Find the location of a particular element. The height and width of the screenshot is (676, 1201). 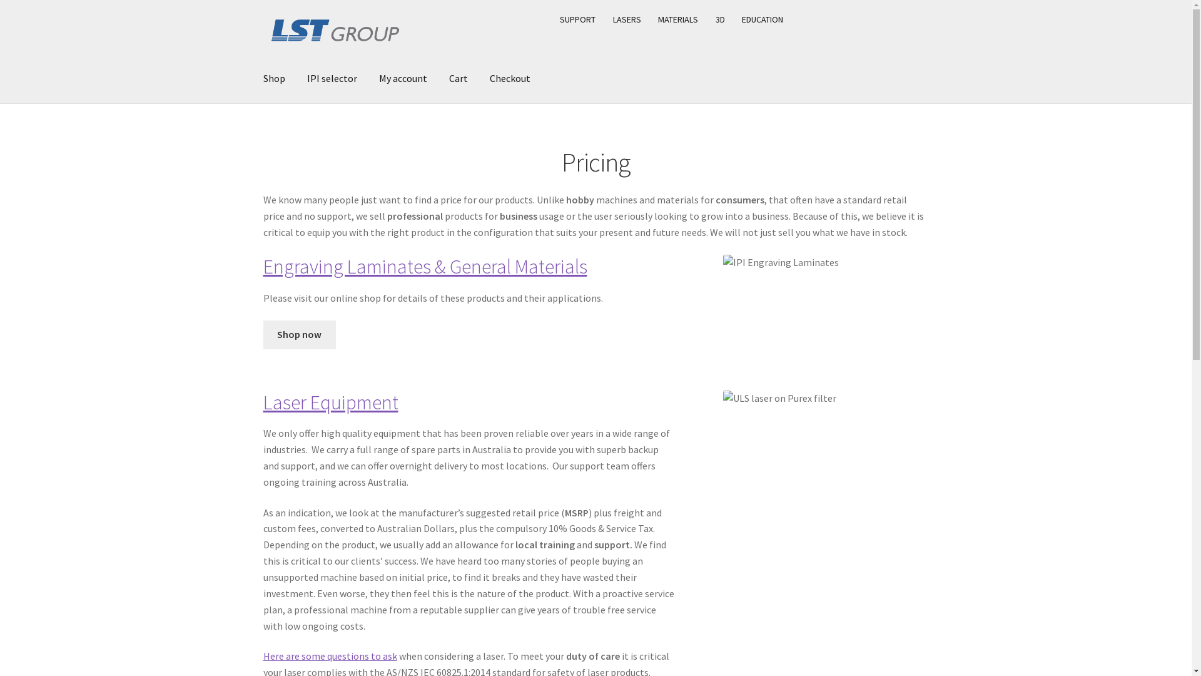

'LASERS' is located at coordinates (627, 19).